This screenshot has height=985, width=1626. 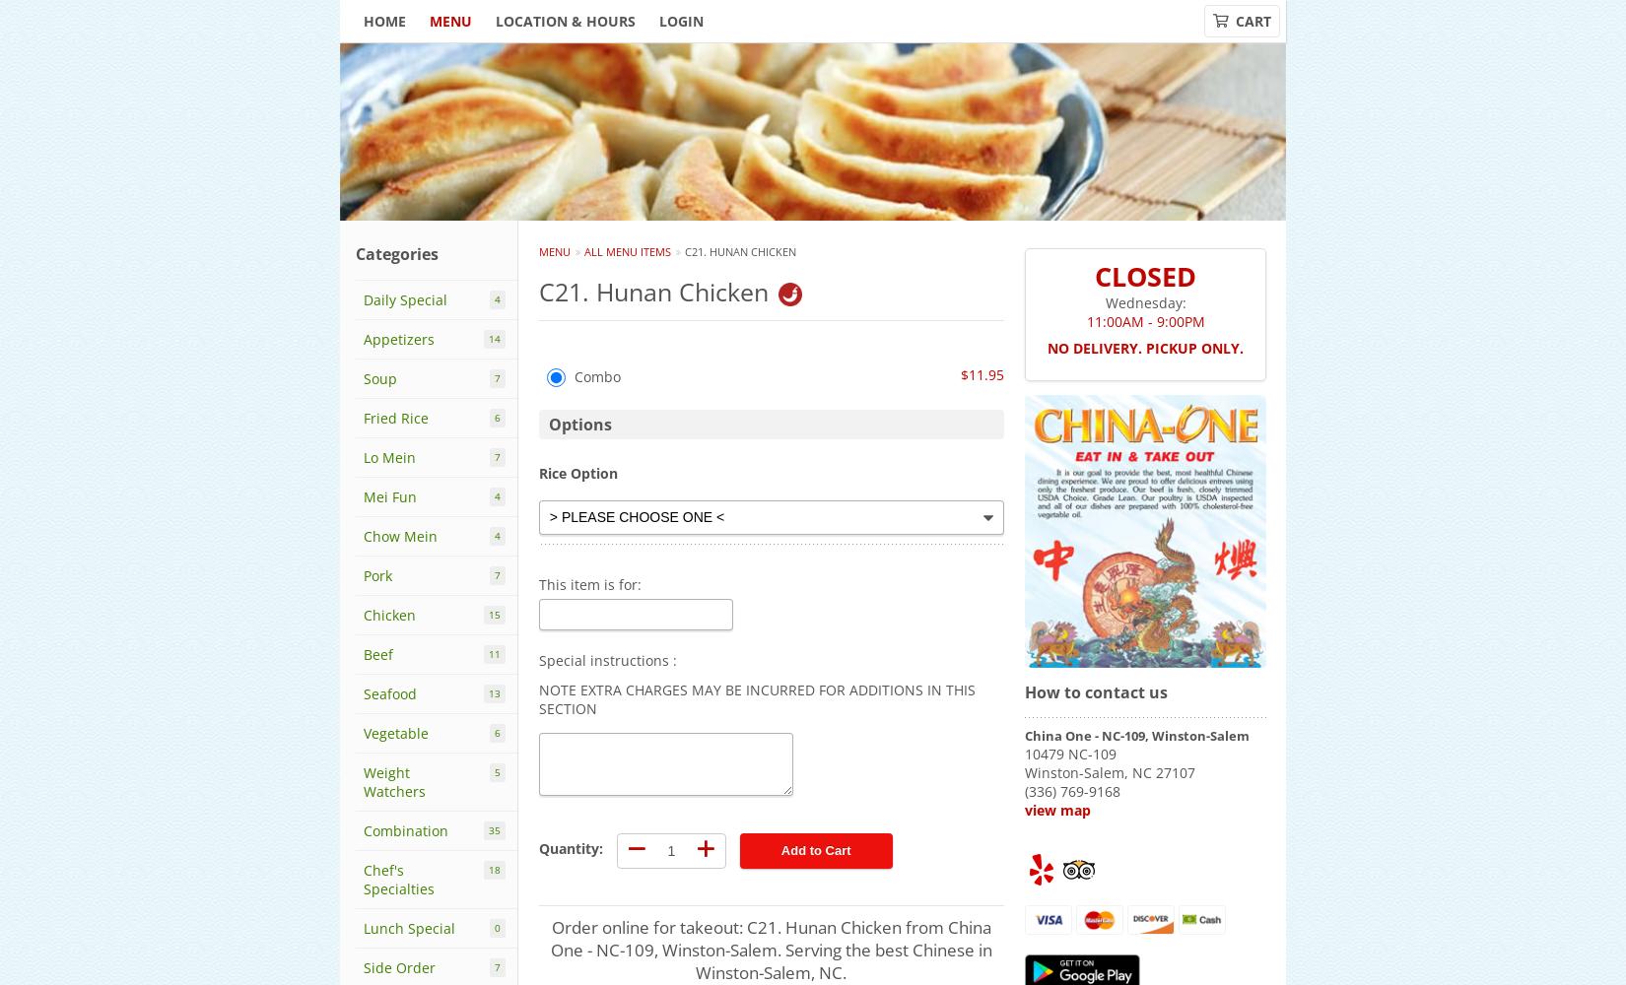 I want to click on 'Chef's Specialties', so click(x=399, y=880).